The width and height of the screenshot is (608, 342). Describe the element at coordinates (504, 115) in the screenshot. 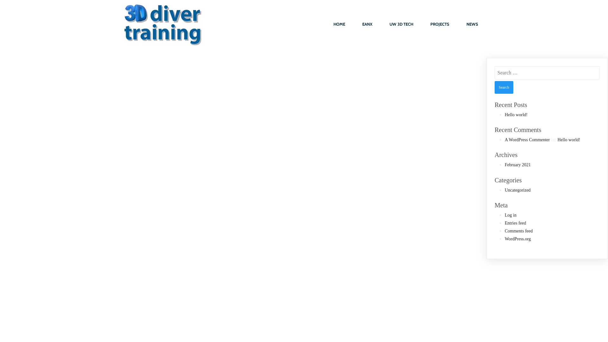

I see `'Hello world!'` at that location.